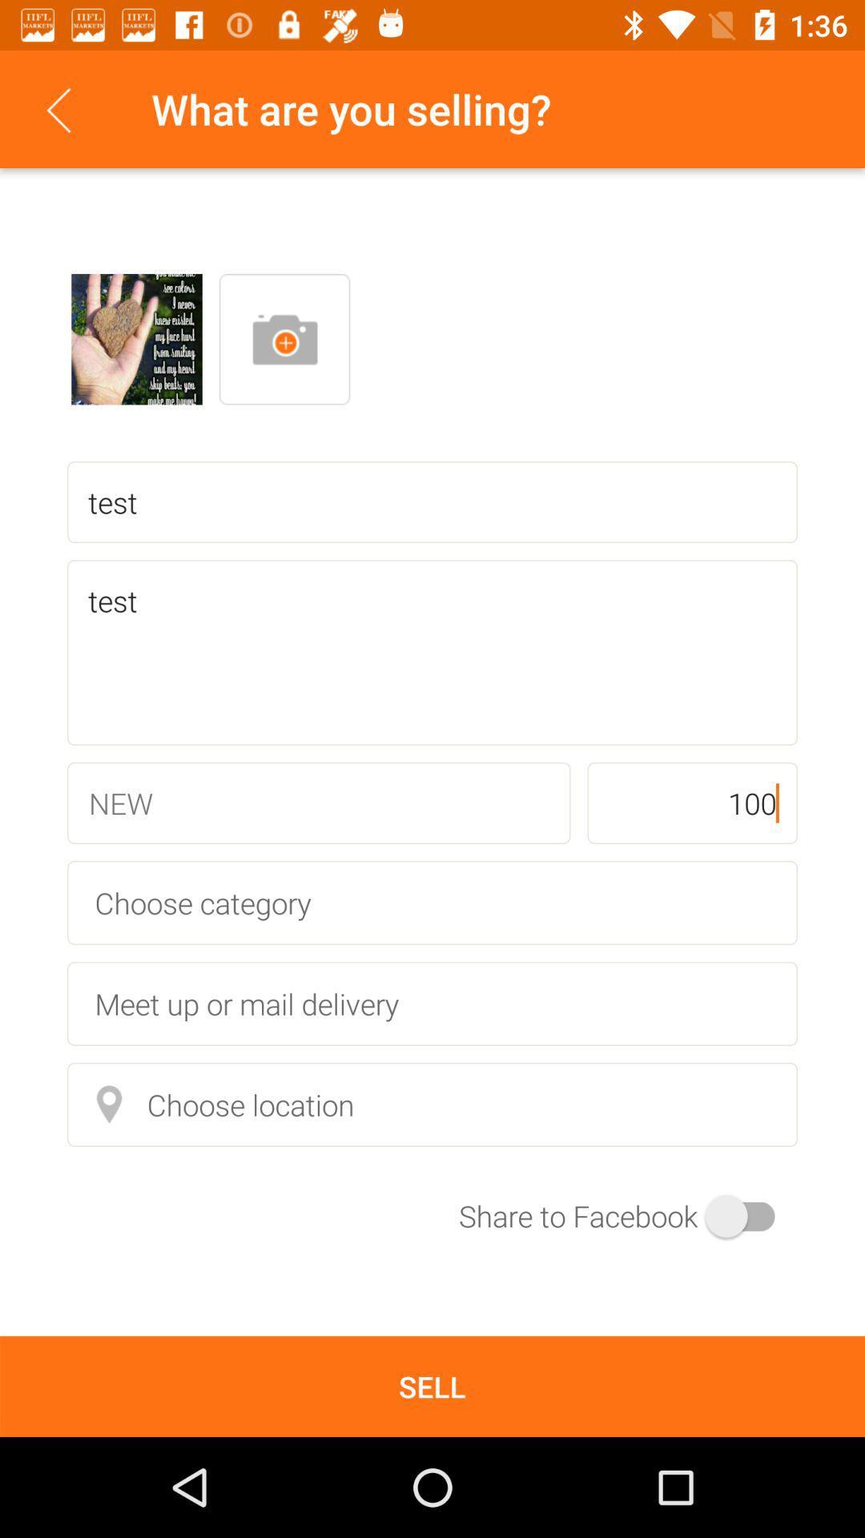 The width and height of the screenshot is (865, 1538). I want to click on a picture, so click(284, 338).